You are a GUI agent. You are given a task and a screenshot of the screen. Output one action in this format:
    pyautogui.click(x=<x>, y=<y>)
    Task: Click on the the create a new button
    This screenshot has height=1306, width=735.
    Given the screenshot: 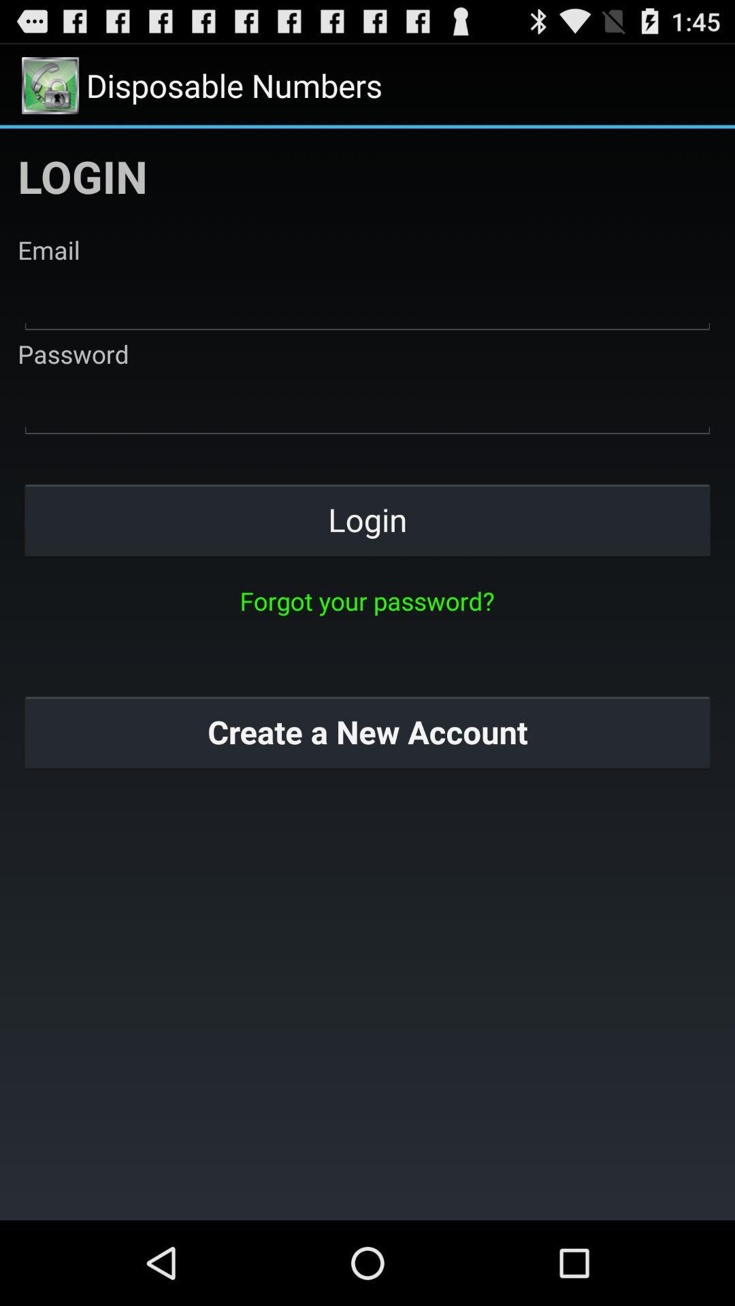 What is the action you would take?
    pyautogui.click(x=367, y=731)
    